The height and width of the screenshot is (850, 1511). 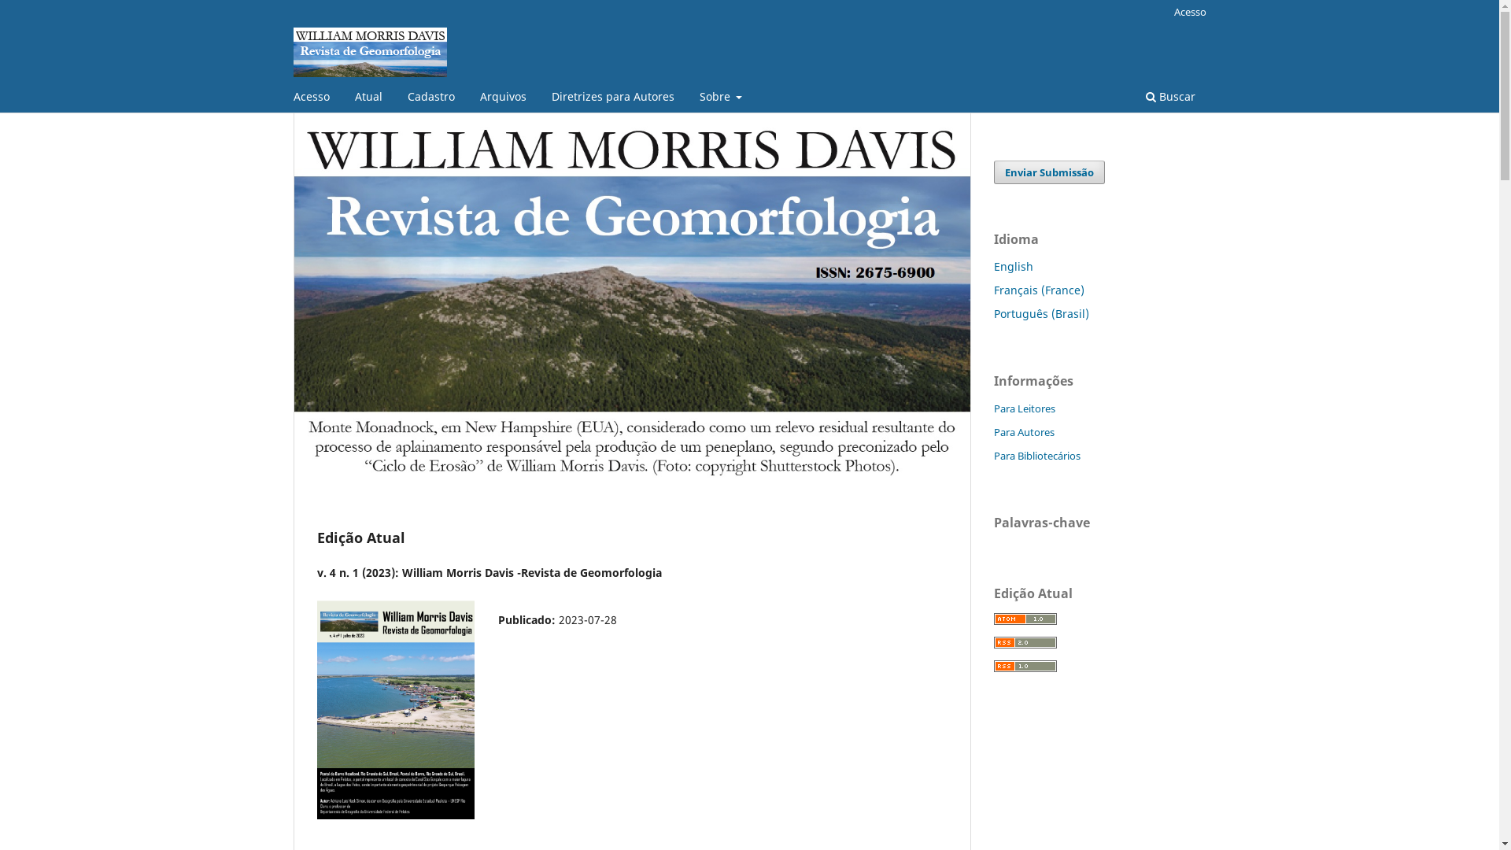 I want to click on 'Arquivos', so click(x=501, y=98).